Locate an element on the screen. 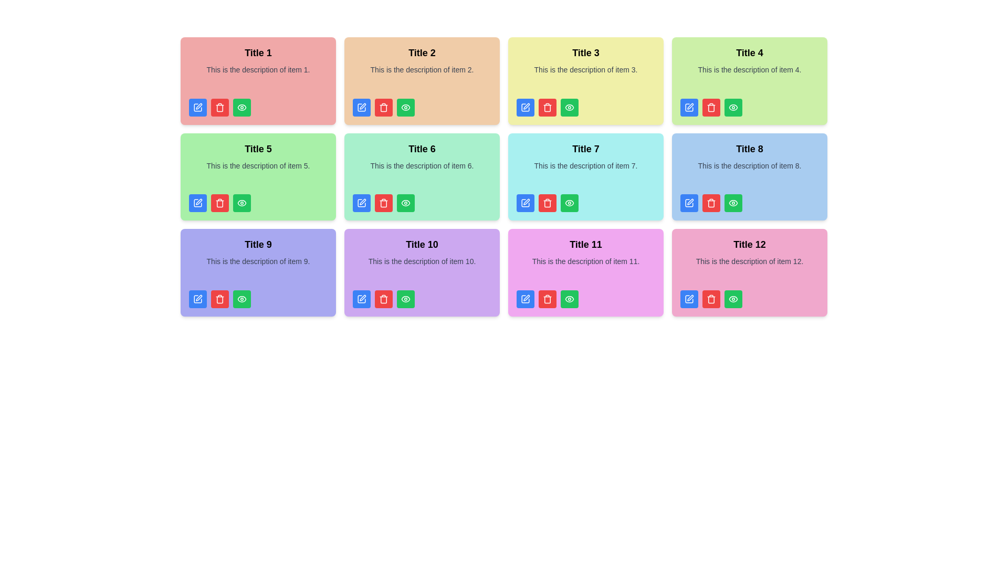 The width and height of the screenshot is (1008, 567). the middle delete button within the card to initiate the delete action is located at coordinates (711, 203).